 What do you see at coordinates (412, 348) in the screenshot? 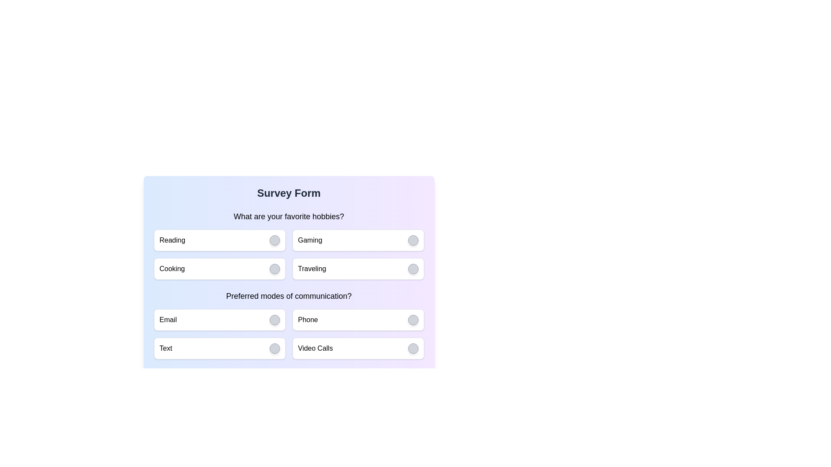
I see `the radio button for 'Video Calls' located in the 'Preferred modes of communication?' section` at bounding box center [412, 348].